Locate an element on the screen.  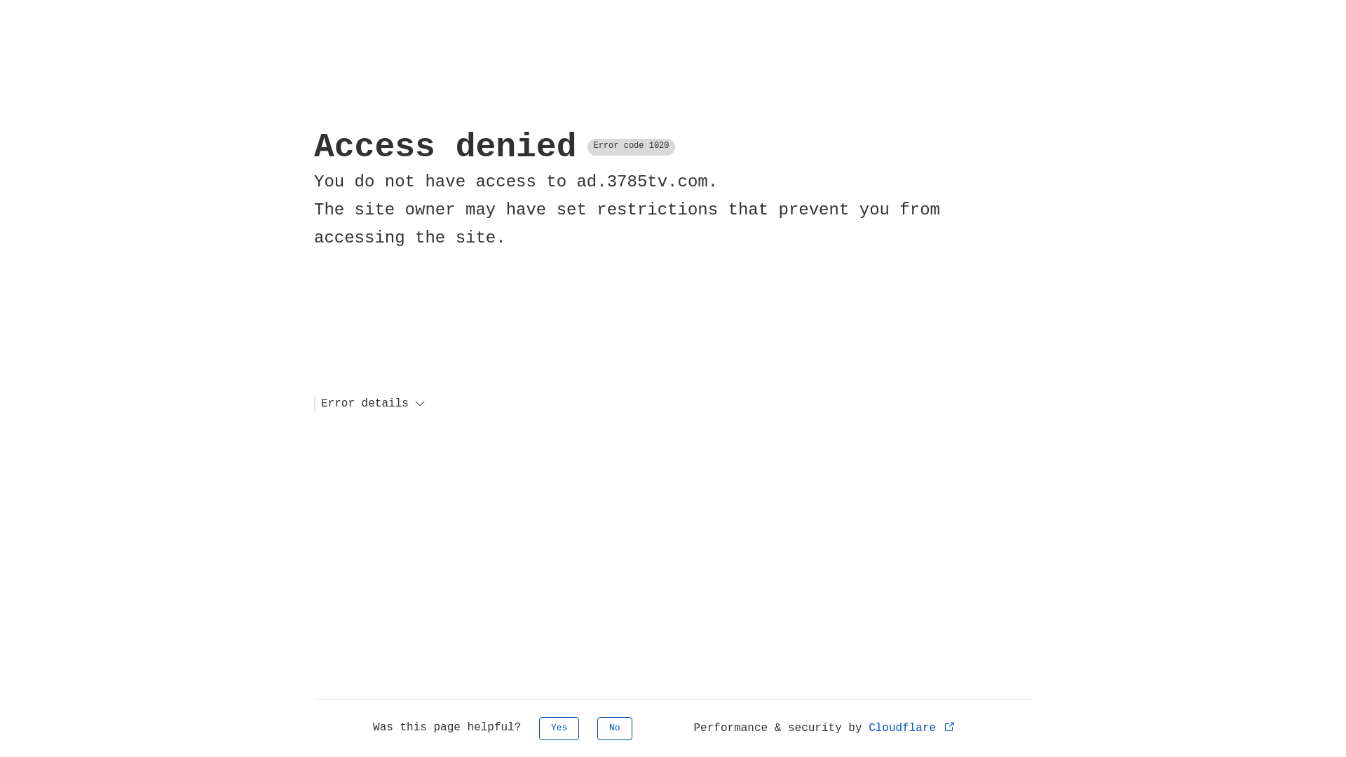
'No' is located at coordinates (615, 728).